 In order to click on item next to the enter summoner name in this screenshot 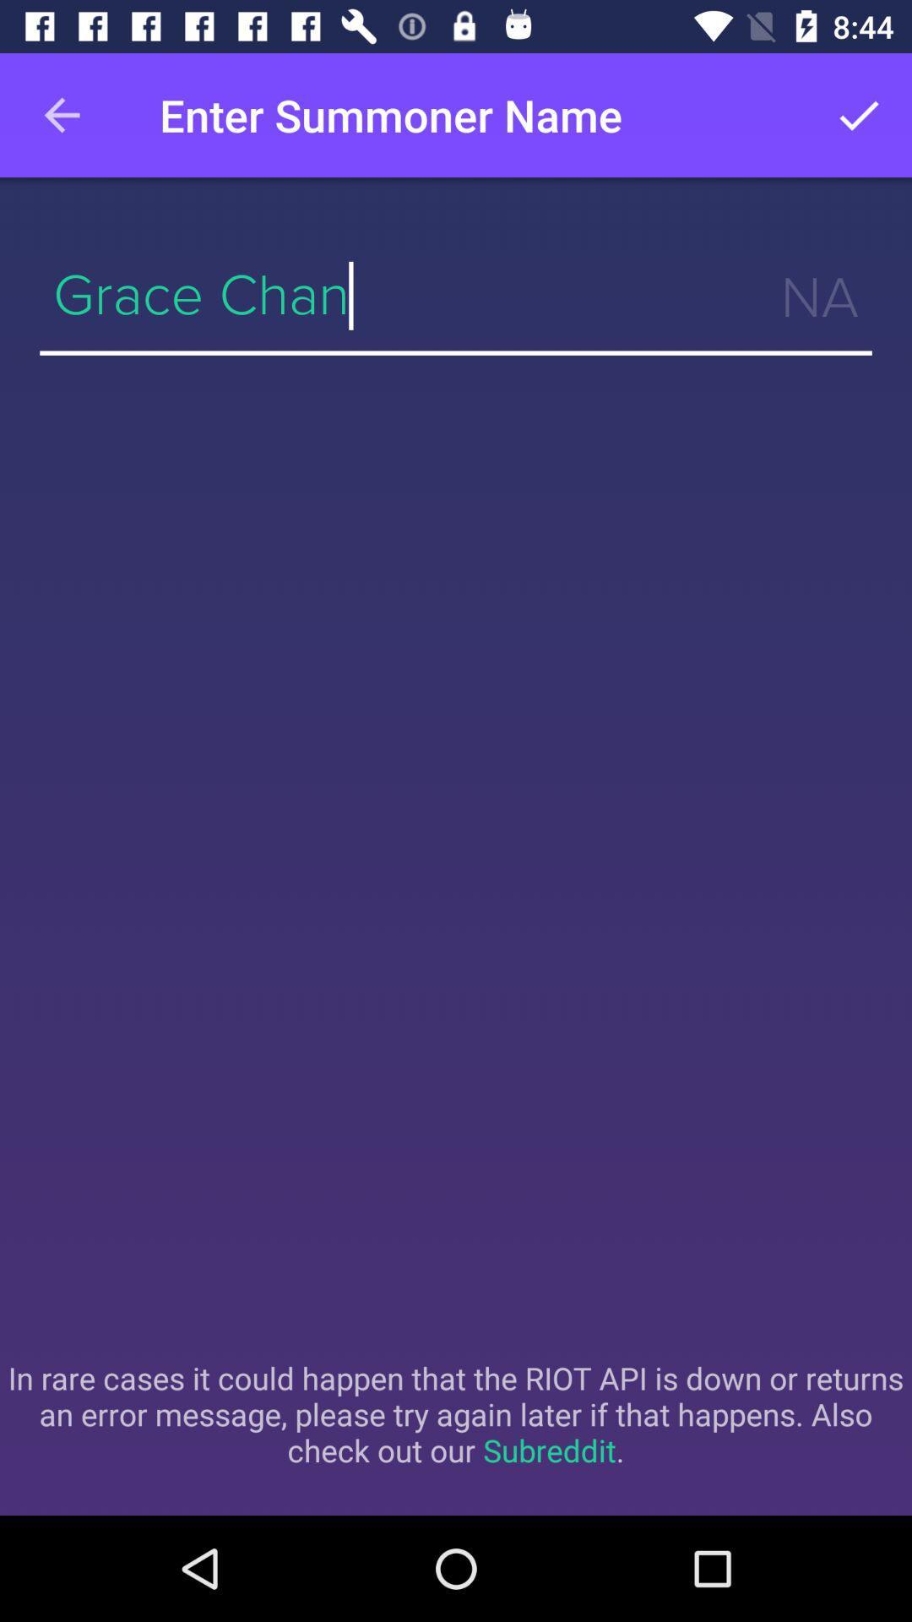, I will do `click(859, 114)`.